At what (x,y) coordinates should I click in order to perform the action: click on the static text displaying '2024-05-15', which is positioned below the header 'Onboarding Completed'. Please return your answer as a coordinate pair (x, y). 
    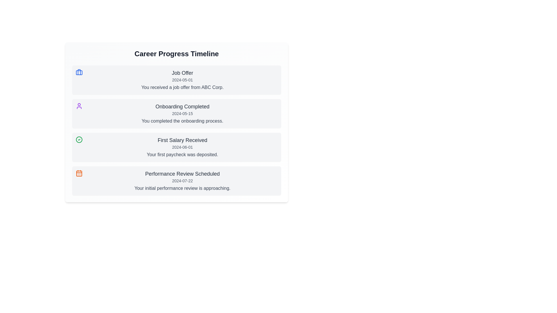
    Looking at the image, I should click on (182, 114).